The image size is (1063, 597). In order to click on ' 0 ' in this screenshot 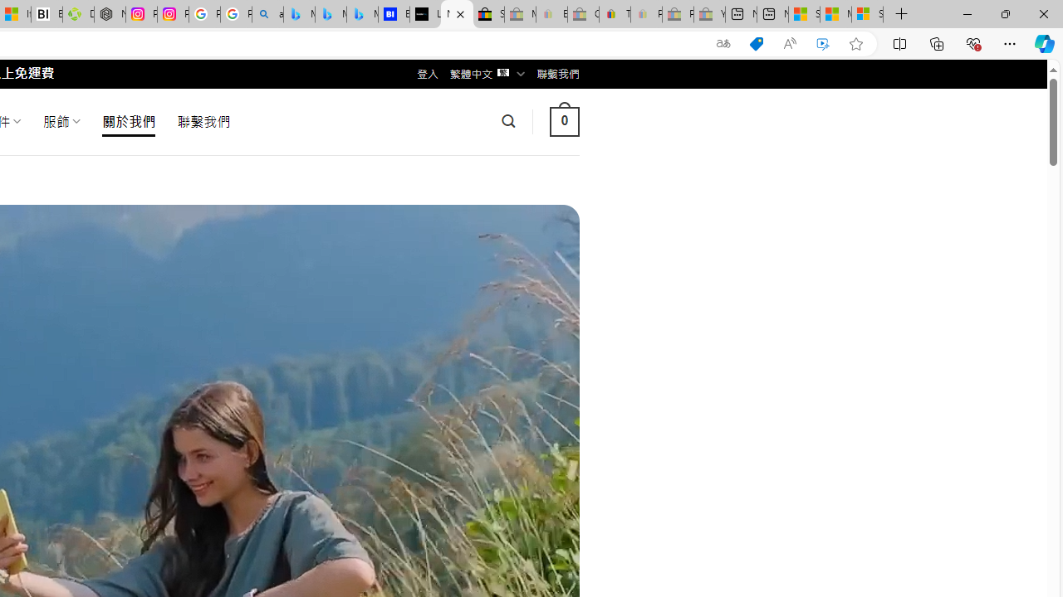, I will do `click(564, 120)`.